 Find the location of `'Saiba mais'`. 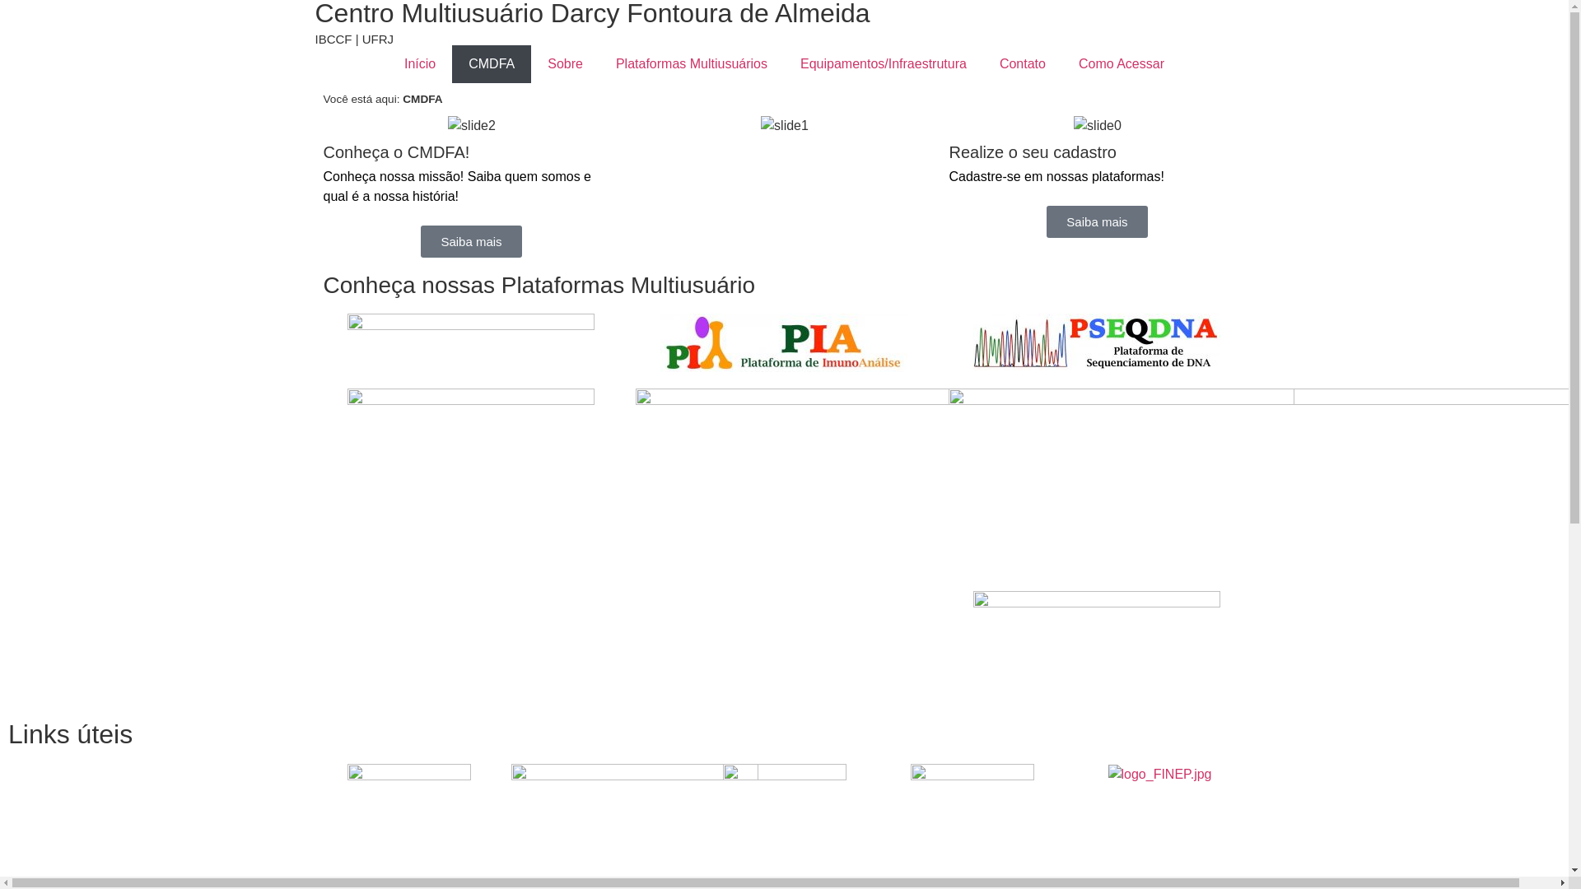

'Saiba mais' is located at coordinates (1096, 221).